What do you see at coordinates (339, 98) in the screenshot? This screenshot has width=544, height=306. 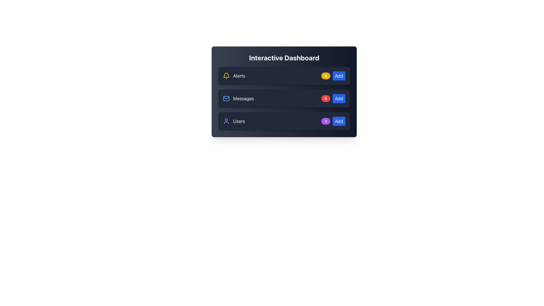 I see `the second 'Add' button in the 'Interactive Dashboard' section aligned with 'Messages' to change its color` at bounding box center [339, 98].